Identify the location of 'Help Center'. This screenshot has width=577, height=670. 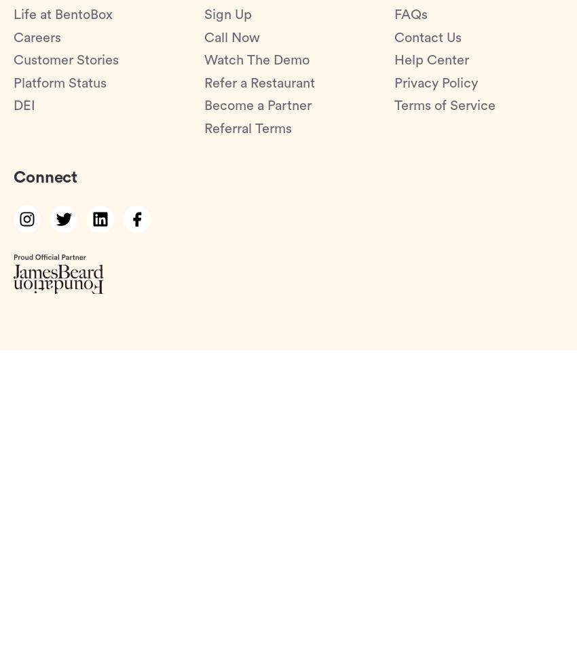
(430, 60).